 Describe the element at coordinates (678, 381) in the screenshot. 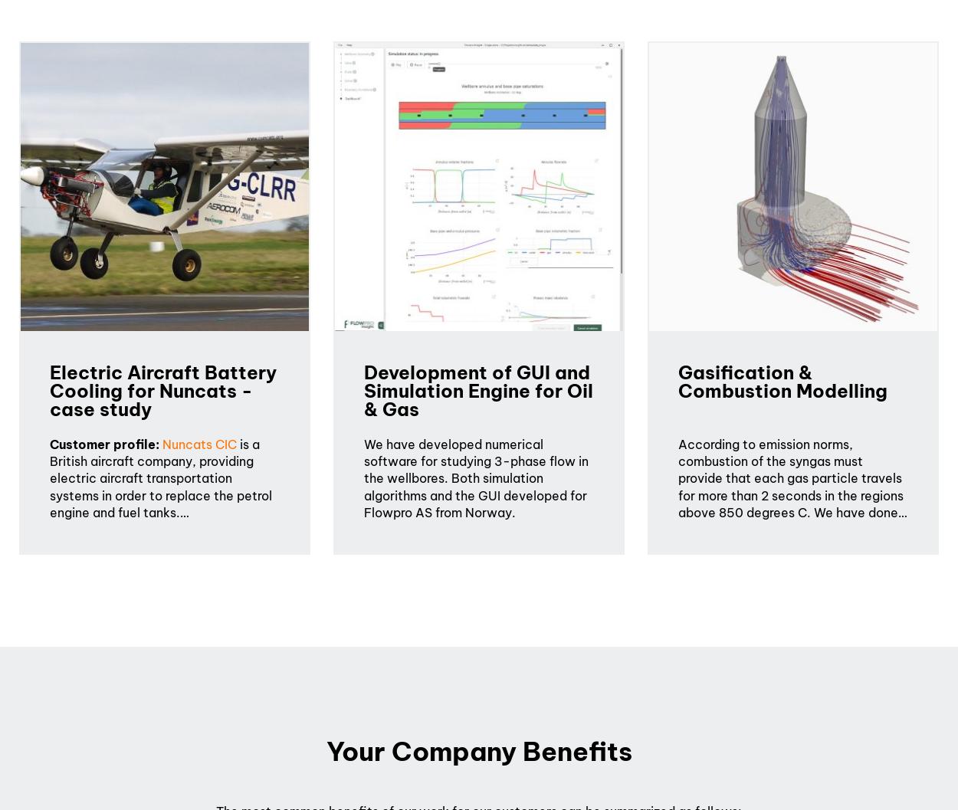

I see `'Gasification & Combustion Modelling'` at that location.